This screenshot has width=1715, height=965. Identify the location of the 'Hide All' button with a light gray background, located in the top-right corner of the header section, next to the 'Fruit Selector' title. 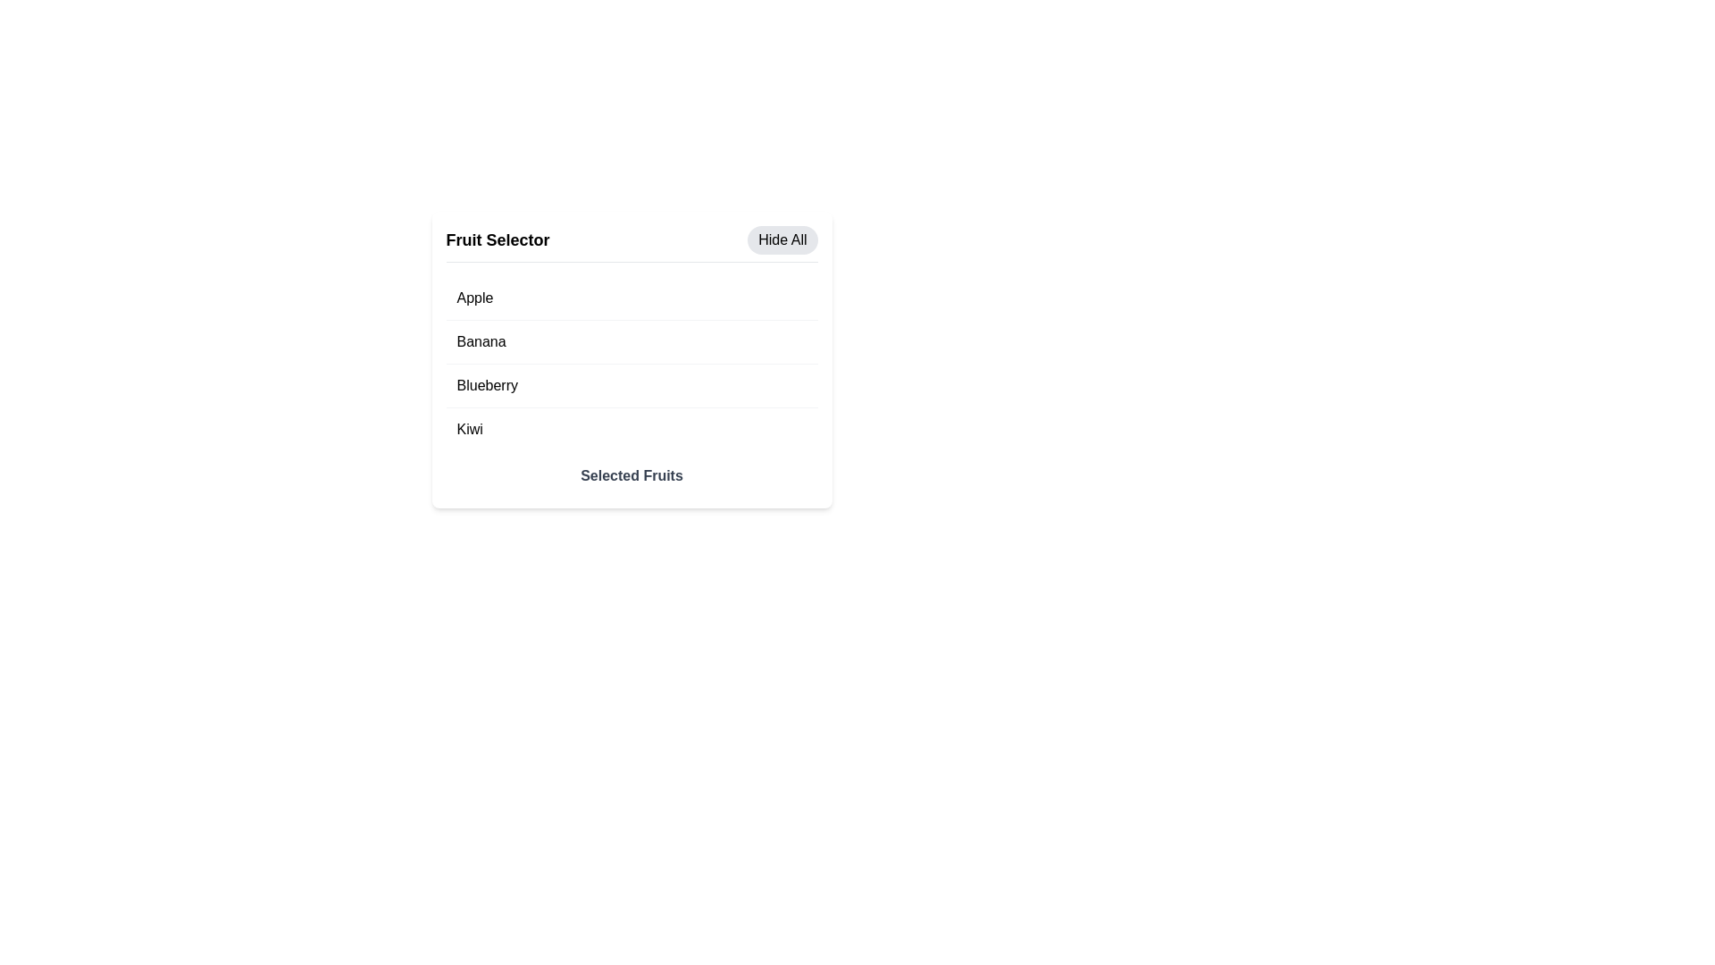
(782, 239).